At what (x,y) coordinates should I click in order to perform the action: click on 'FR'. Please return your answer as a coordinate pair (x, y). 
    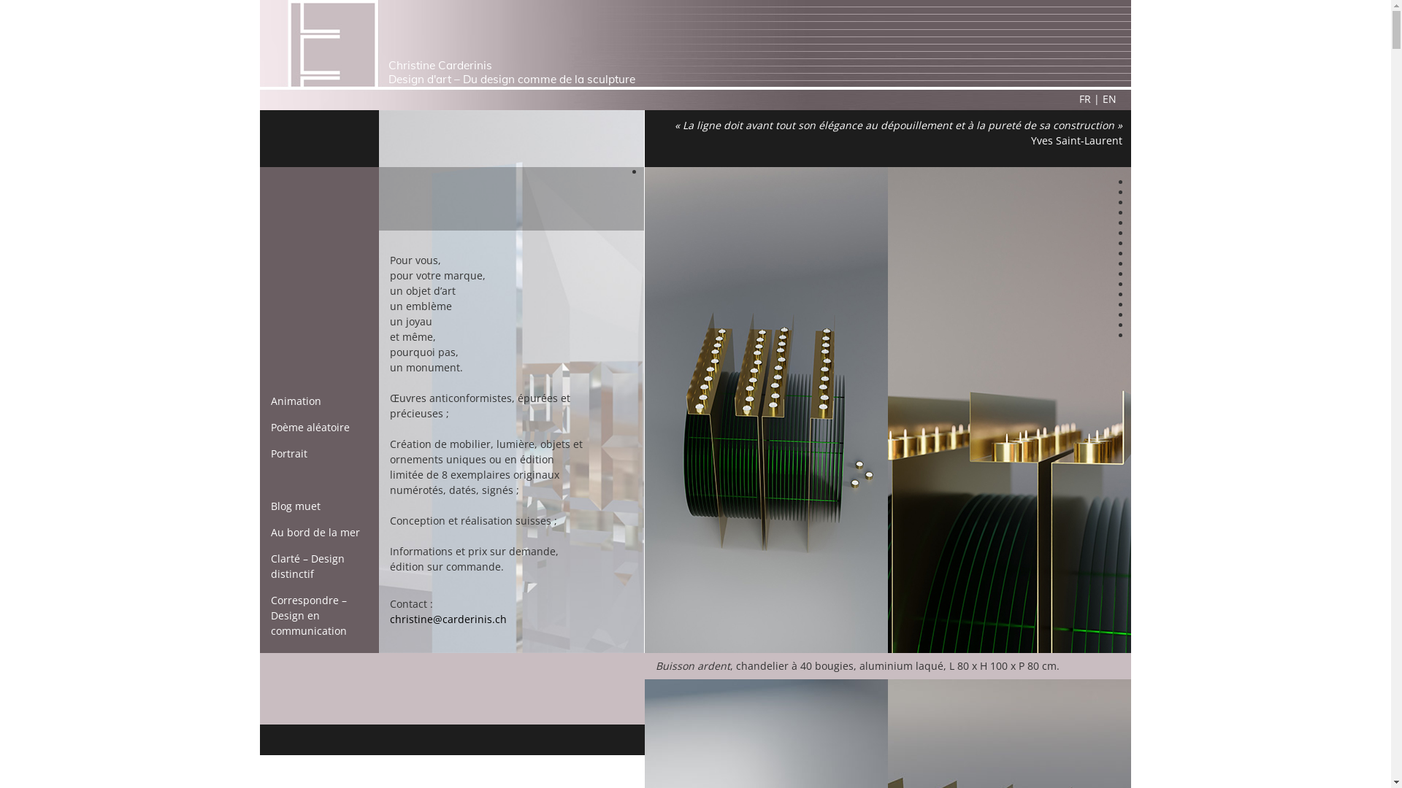
    Looking at the image, I should click on (1085, 98).